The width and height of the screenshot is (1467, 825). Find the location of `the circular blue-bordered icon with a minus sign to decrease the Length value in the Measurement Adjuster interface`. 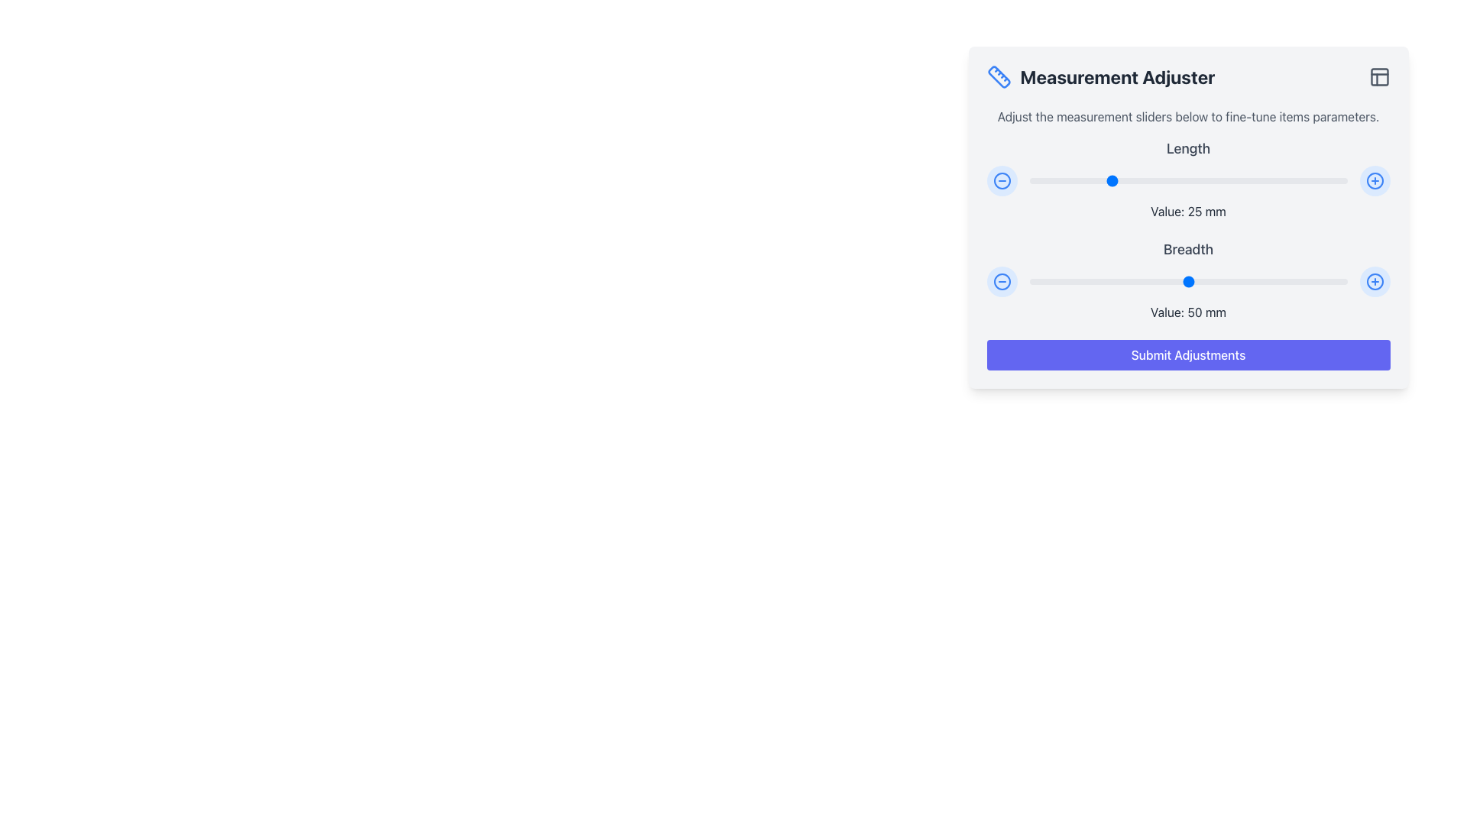

the circular blue-bordered icon with a minus sign to decrease the Length value in the Measurement Adjuster interface is located at coordinates (1002, 180).